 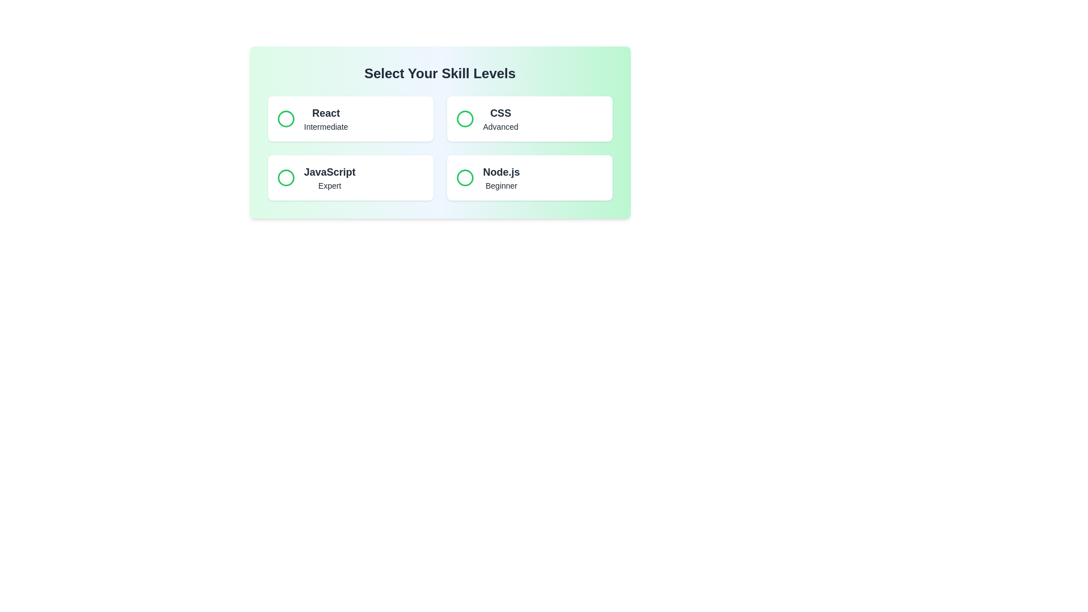 I want to click on the skill button for React, so click(x=350, y=118).